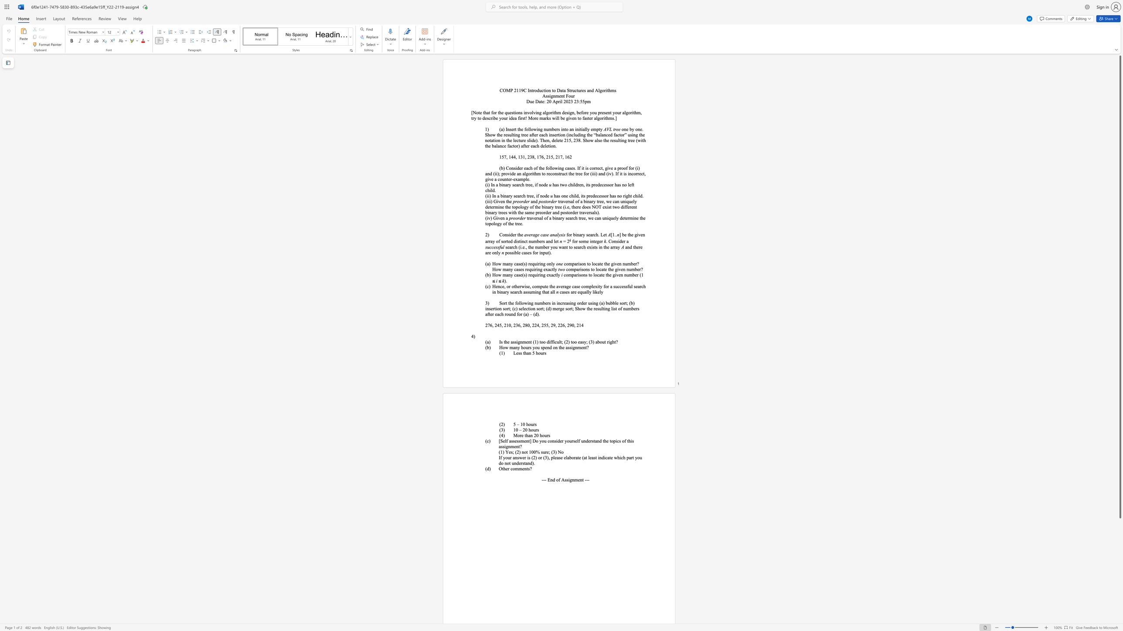 Image resolution: width=1123 pixels, height=631 pixels. I want to click on the 1th character "v" in the text, so click(489, 218).